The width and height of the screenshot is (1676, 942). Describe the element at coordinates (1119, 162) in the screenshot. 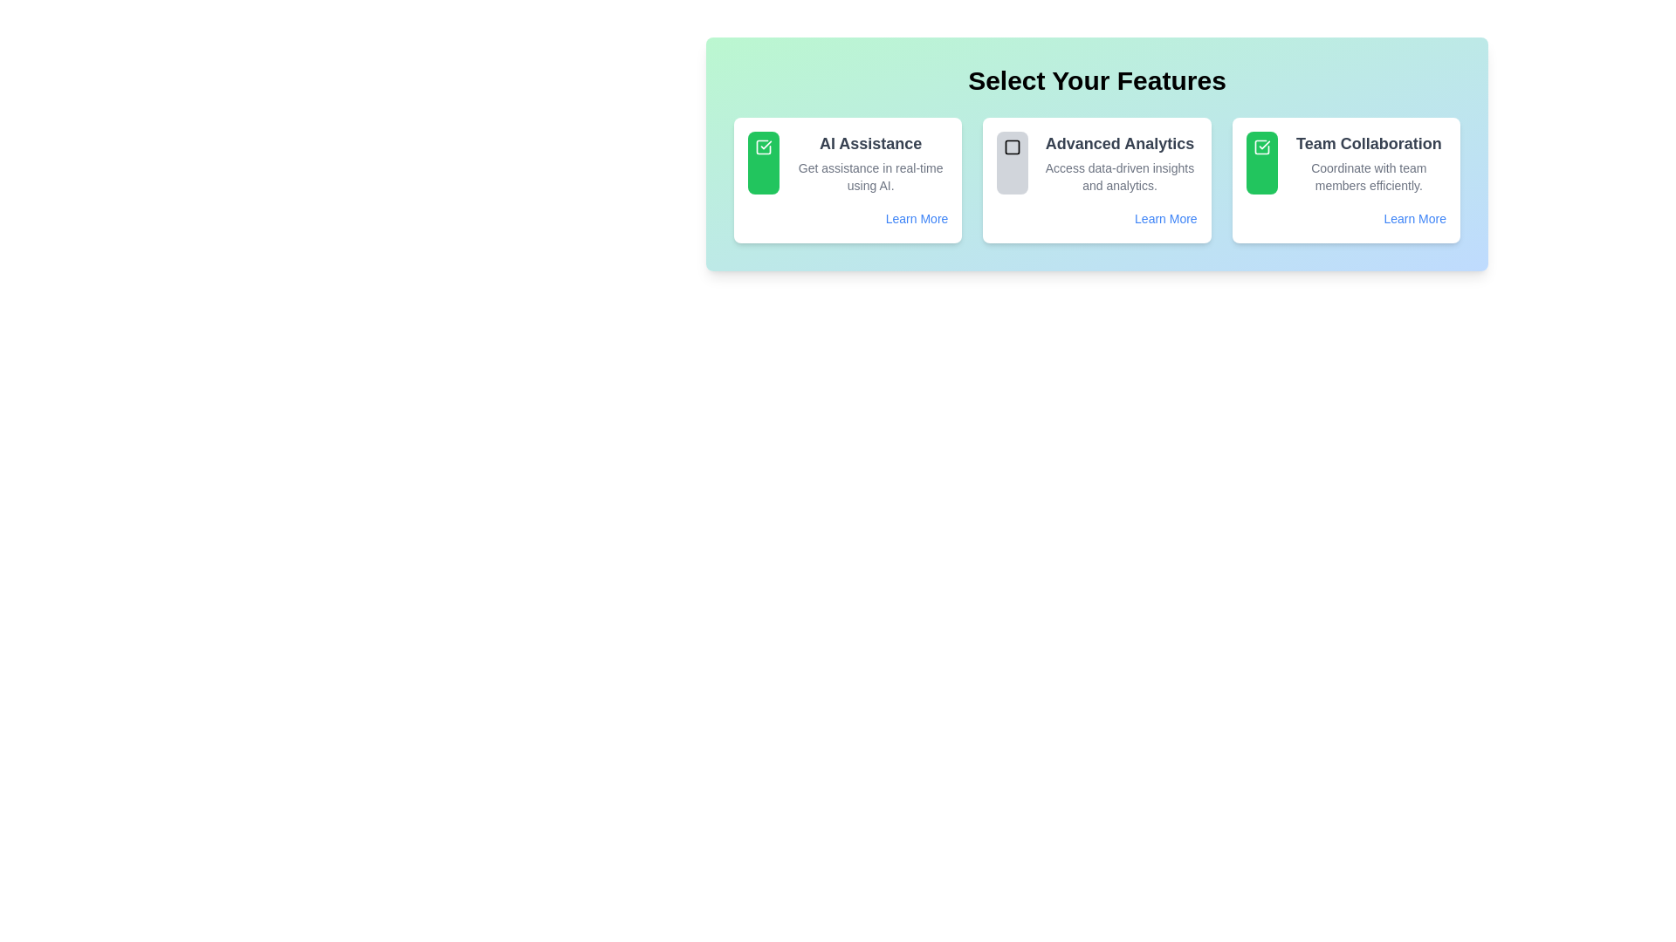

I see `the 'Advanced Analytics' text display element, which includes a bold heading and smaller descriptive text, located centrally within its card` at that location.